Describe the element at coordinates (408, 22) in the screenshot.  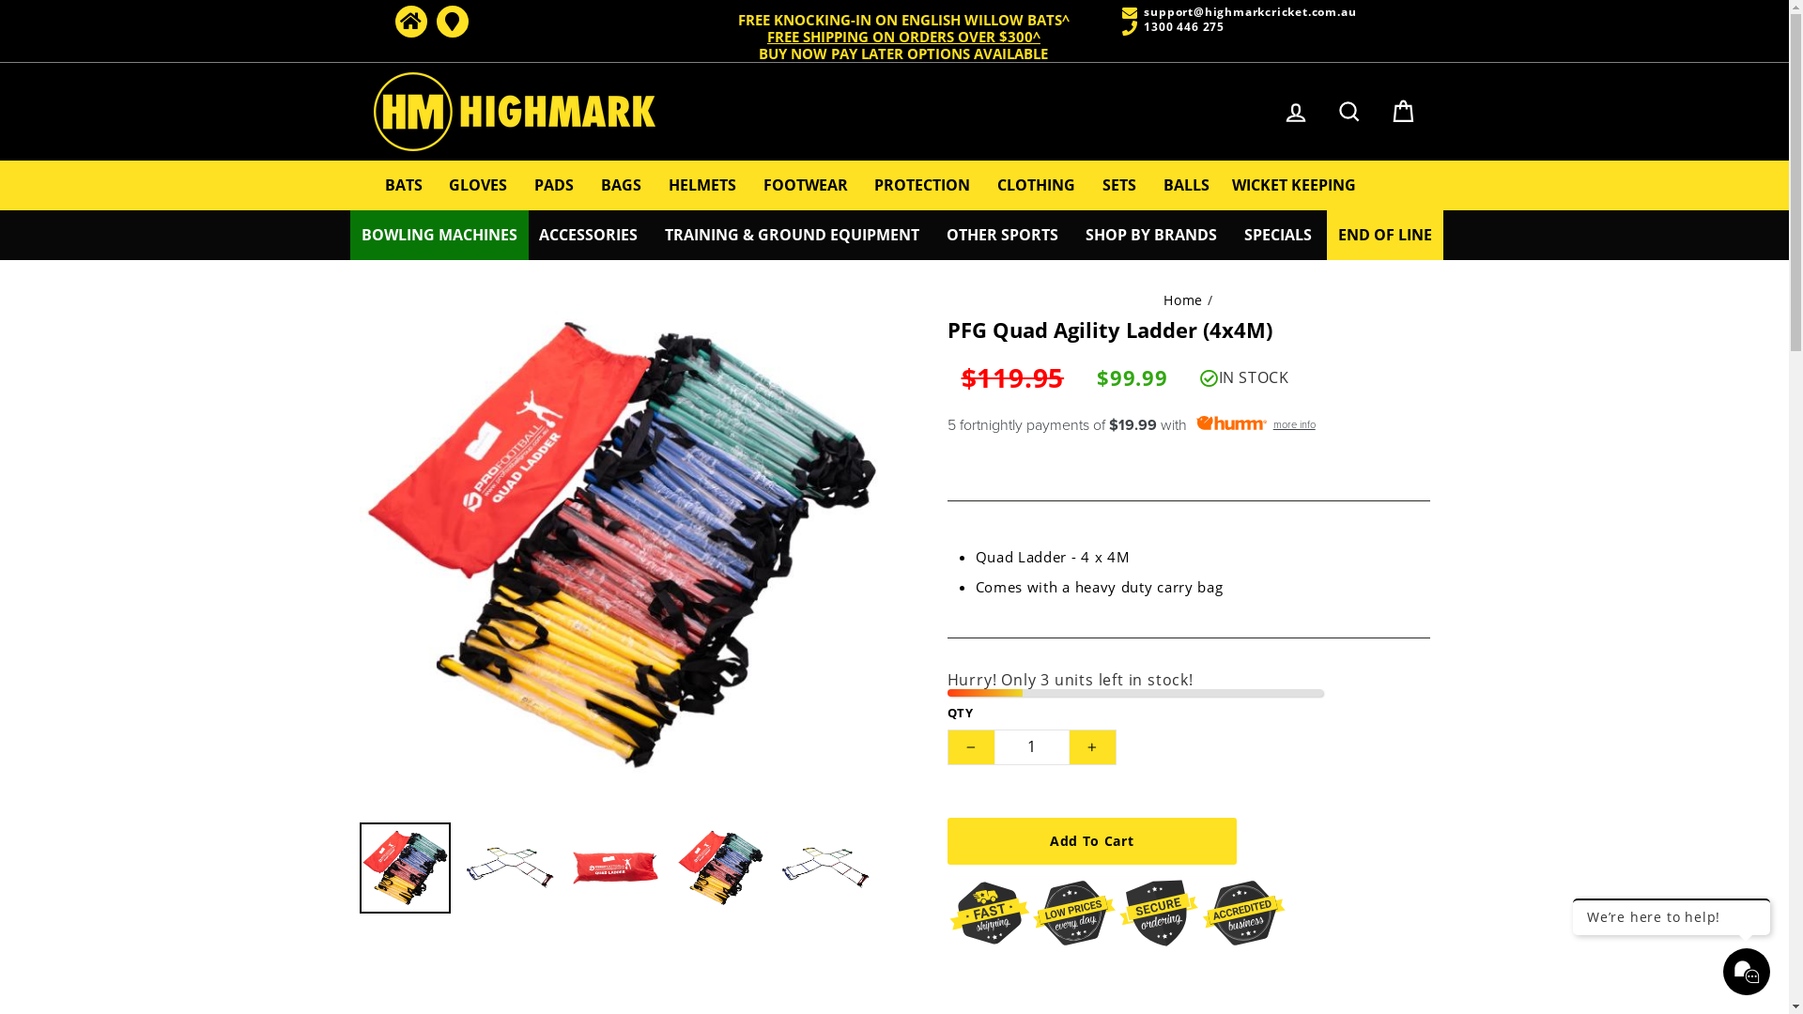
I see `'Home'` at that location.